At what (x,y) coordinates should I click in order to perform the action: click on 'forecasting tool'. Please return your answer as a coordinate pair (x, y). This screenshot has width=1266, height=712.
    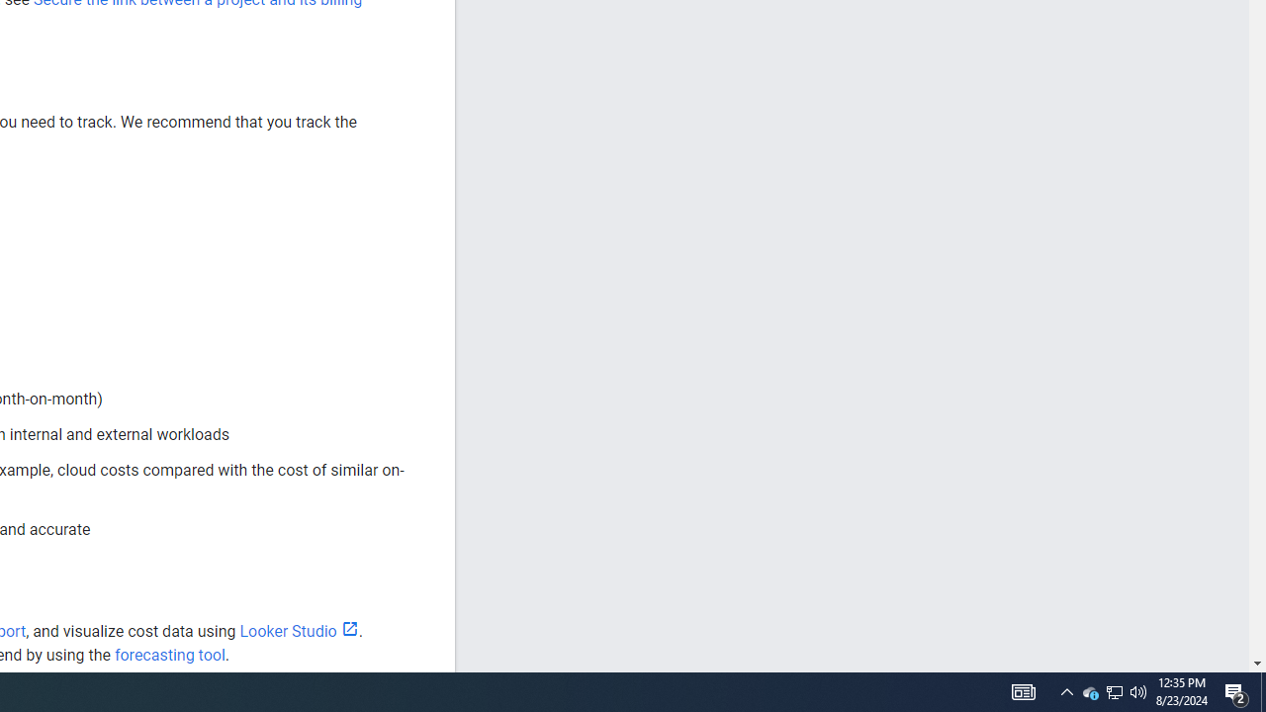
    Looking at the image, I should click on (169, 655).